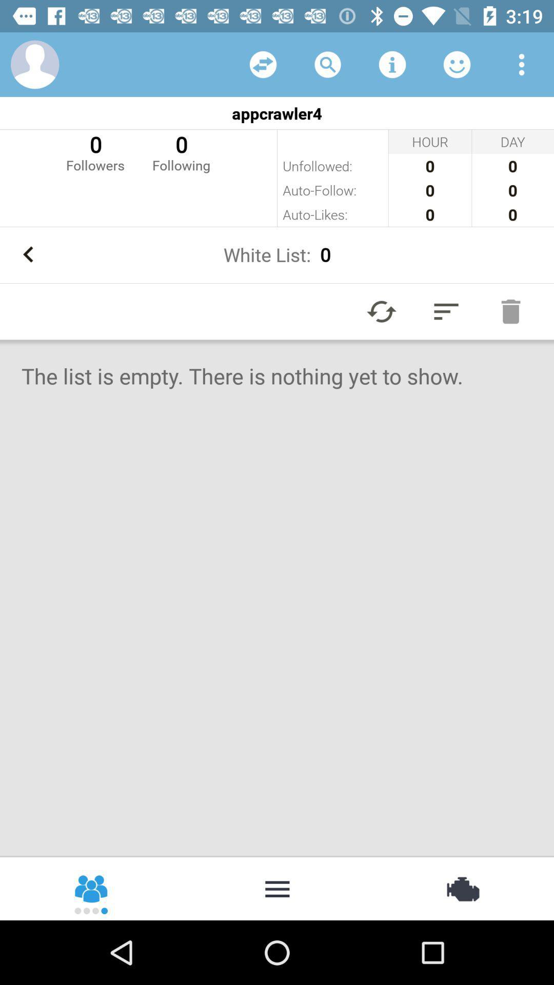 The height and width of the screenshot is (985, 554). Describe the element at coordinates (328, 64) in the screenshot. I see `open search bar` at that location.